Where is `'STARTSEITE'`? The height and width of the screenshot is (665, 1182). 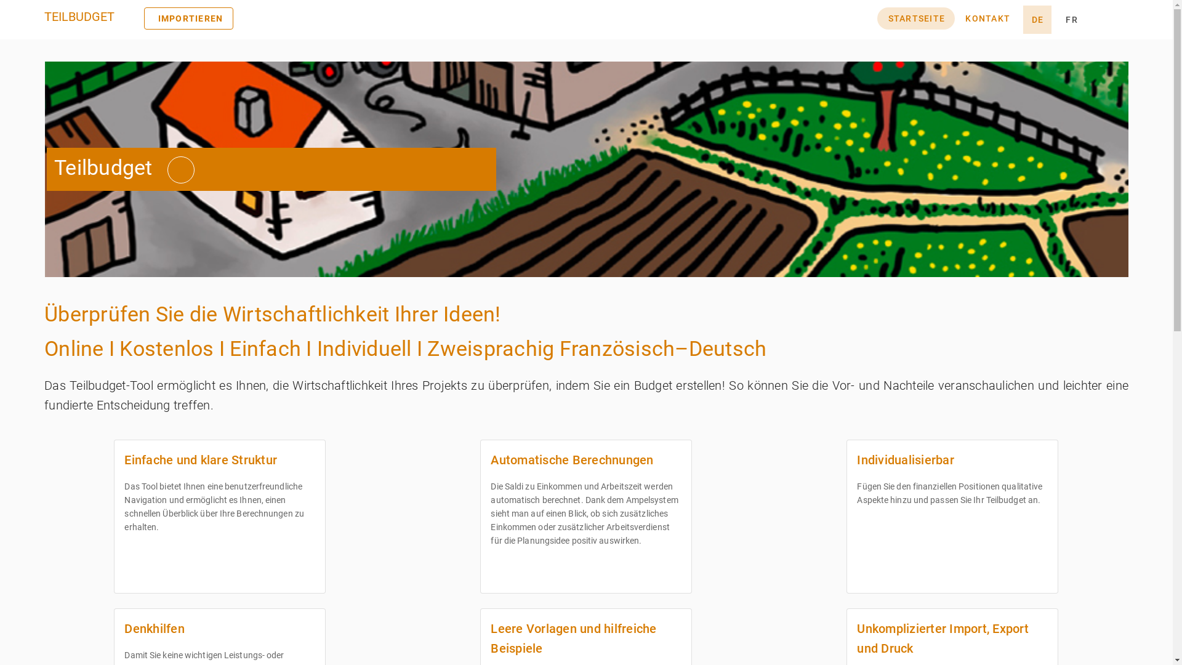 'STARTSEITE' is located at coordinates (916, 18).